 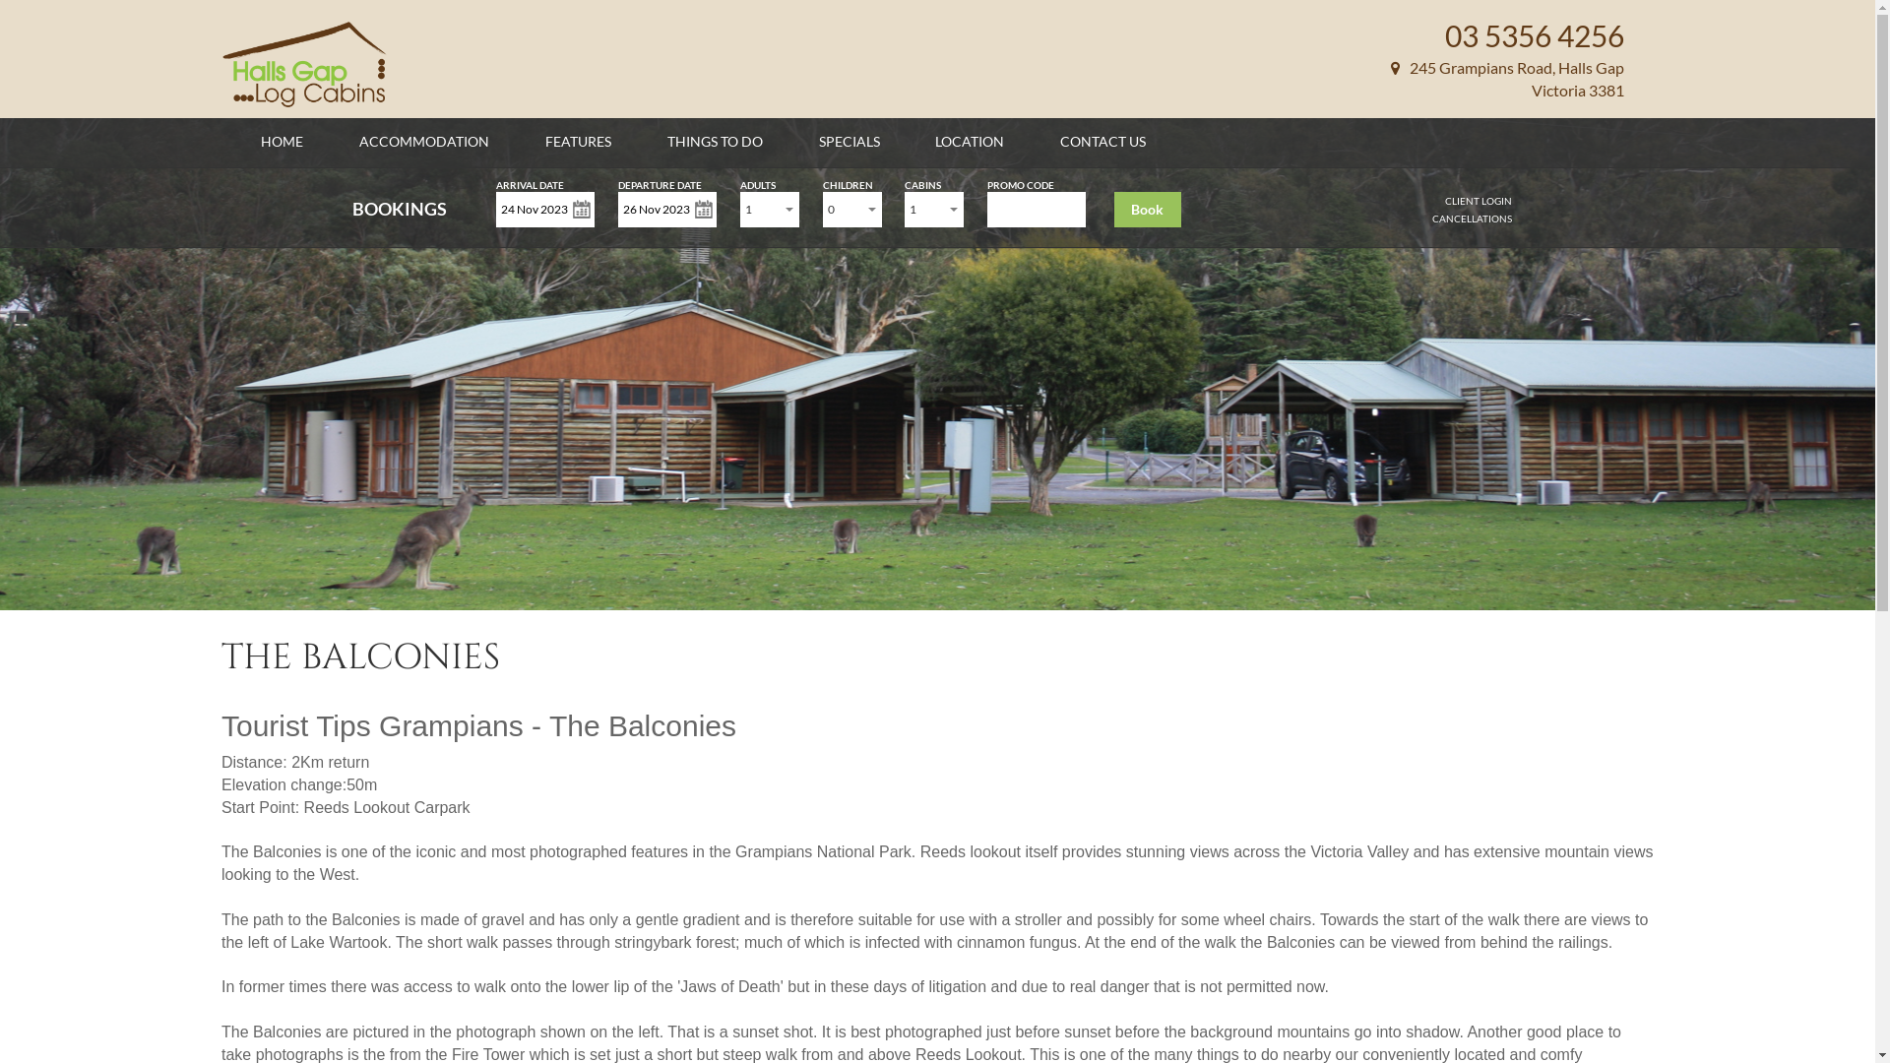 I want to click on 'LOCATION', so click(x=934, y=140).